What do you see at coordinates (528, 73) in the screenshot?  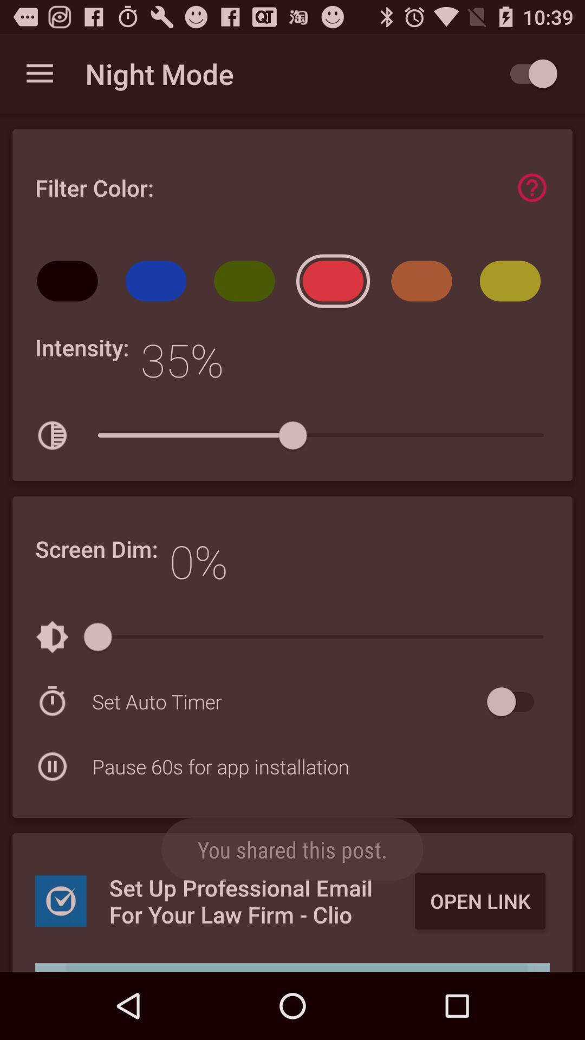 I see `autoplay page` at bounding box center [528, 73].